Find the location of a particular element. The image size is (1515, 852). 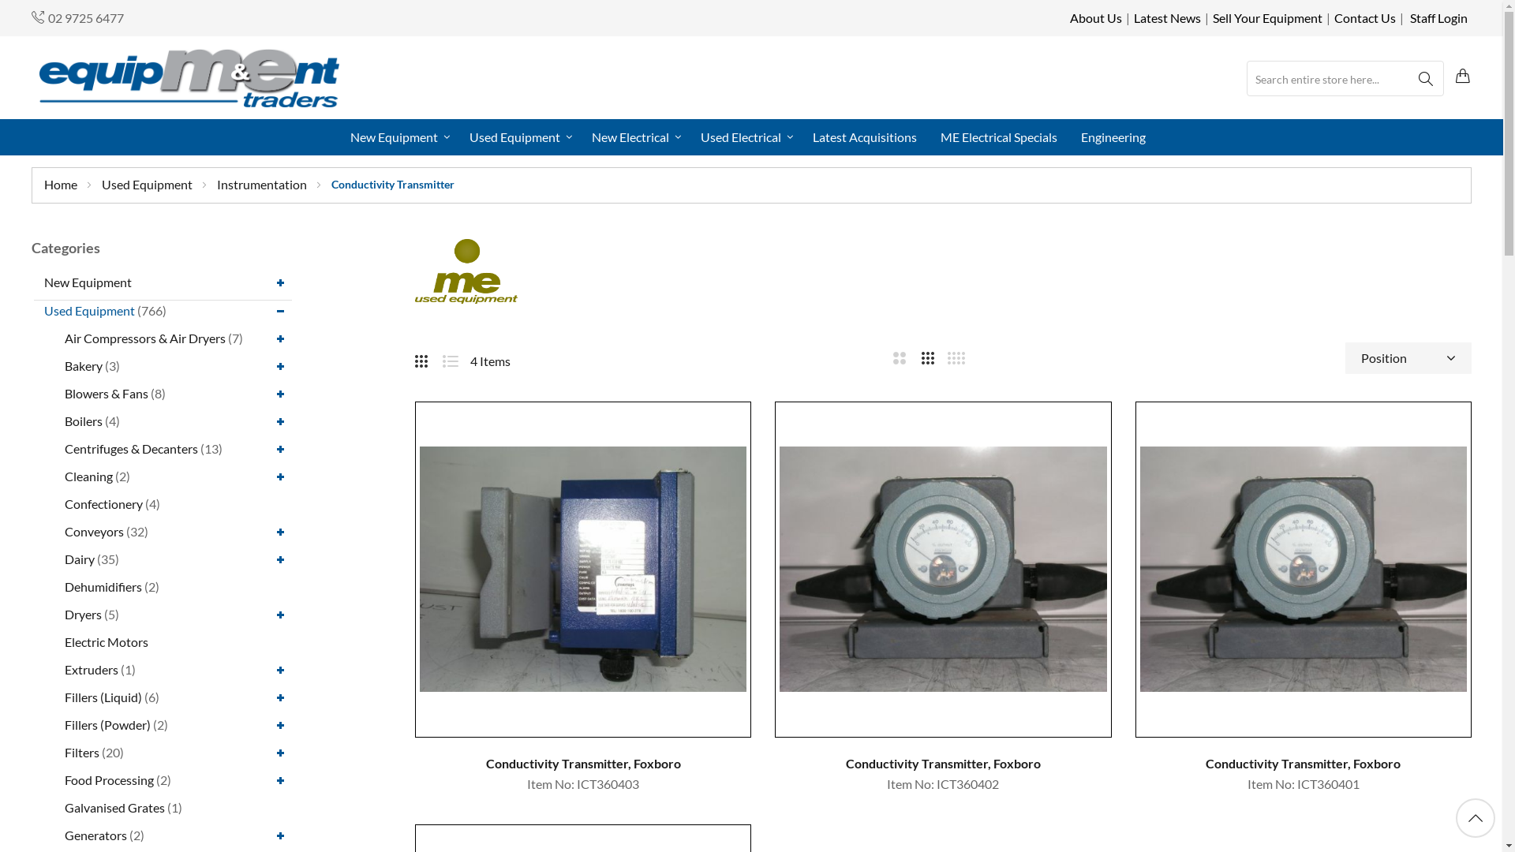

'Boilers' is located at coordinates (63, 420).